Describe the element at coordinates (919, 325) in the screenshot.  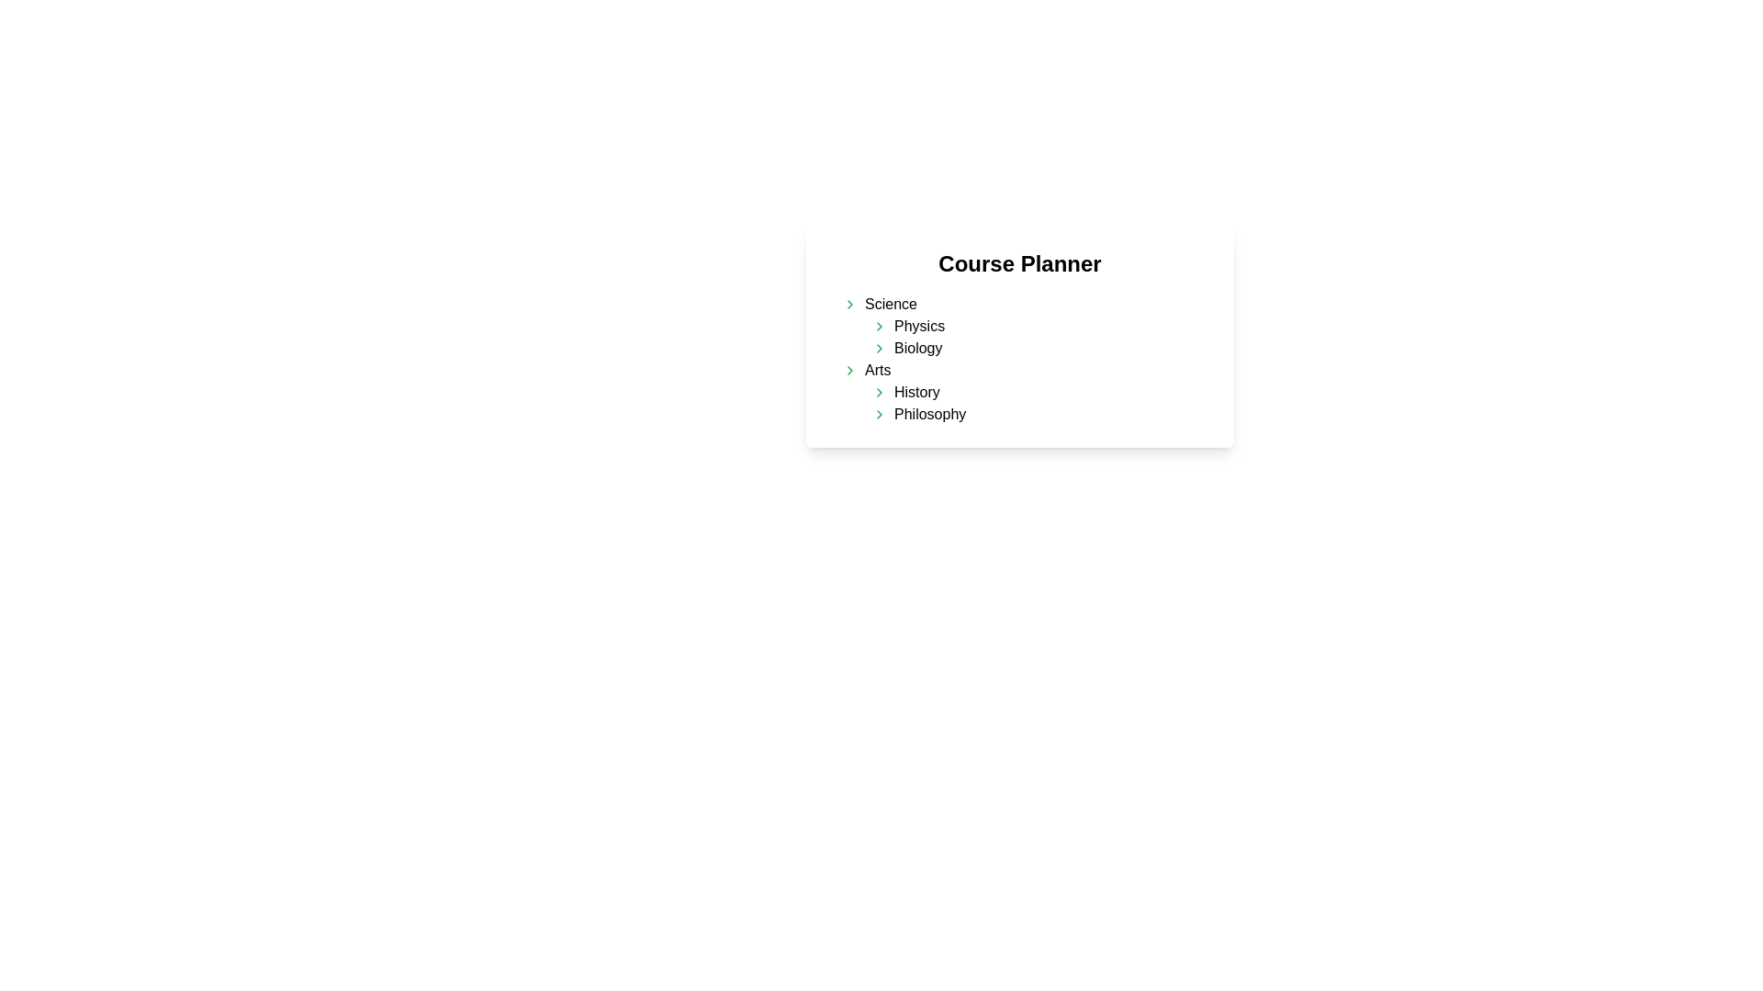
I see `the 'Physics' text label, which is the first sub-item under the 'Science' heading` at that location.